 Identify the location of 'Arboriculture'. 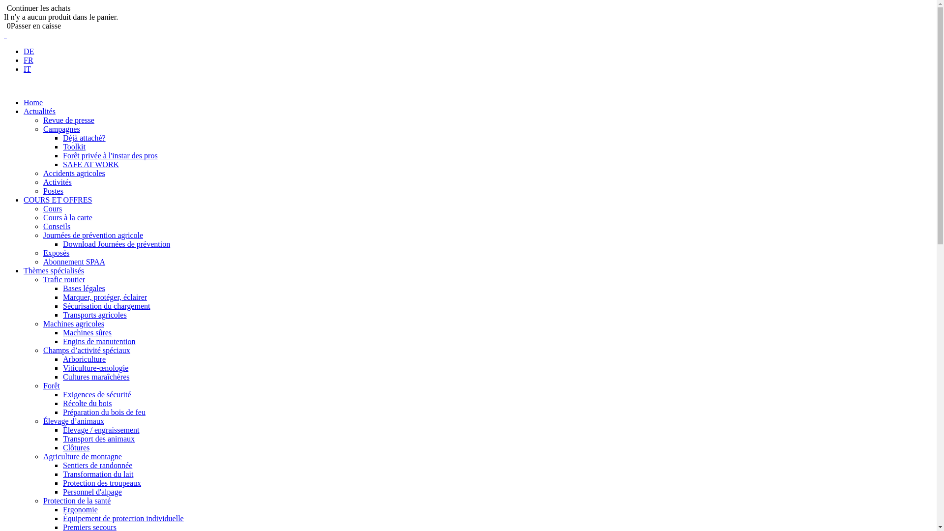
(62, 359).